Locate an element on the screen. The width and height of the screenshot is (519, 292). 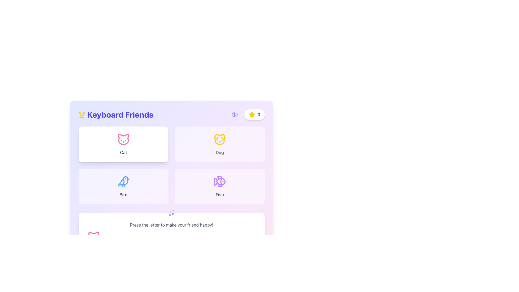
the decorative cat icon located at the top center of the card that contains the text 'cat' is located at coordinates (123, 139).